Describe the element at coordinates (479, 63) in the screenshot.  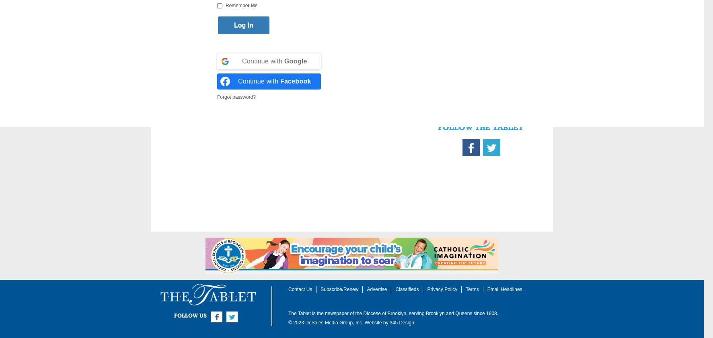
I see `'Do you have a photo or video you want to share with The Tablet? Click here to send it straight to our news desk. You might just see your submission online or in the new edition of the paper.'` at that location.